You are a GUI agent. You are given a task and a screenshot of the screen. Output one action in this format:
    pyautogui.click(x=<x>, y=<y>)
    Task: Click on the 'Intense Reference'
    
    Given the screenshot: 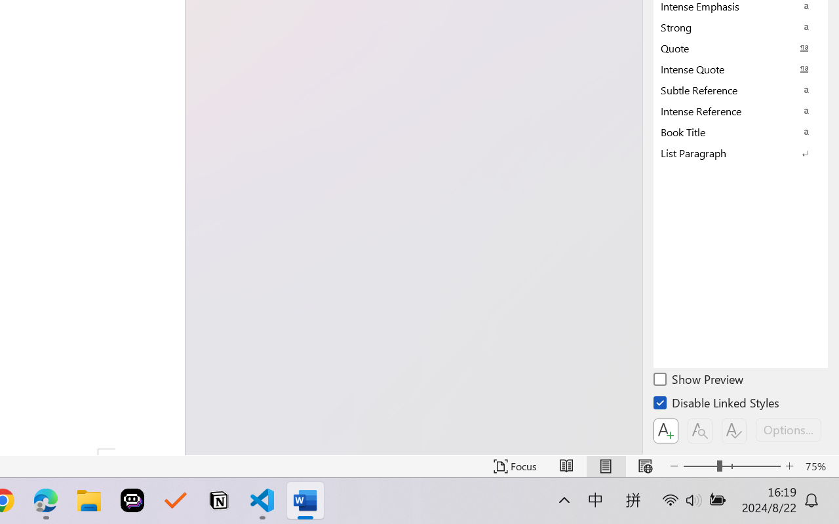 What is the action you would take?
    pyautogui.click(x=741, y=110)
    